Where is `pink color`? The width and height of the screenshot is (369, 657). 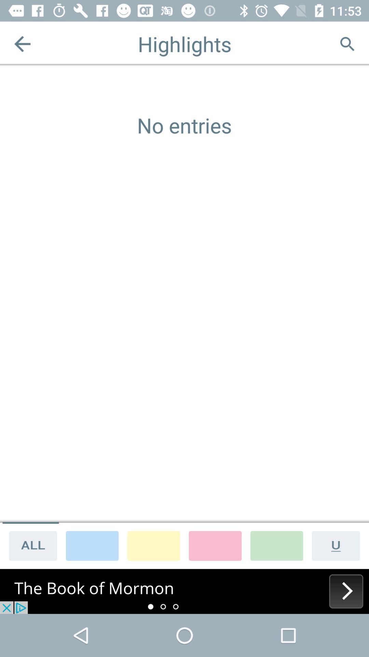 pink color is located at coordinates (215, 545).